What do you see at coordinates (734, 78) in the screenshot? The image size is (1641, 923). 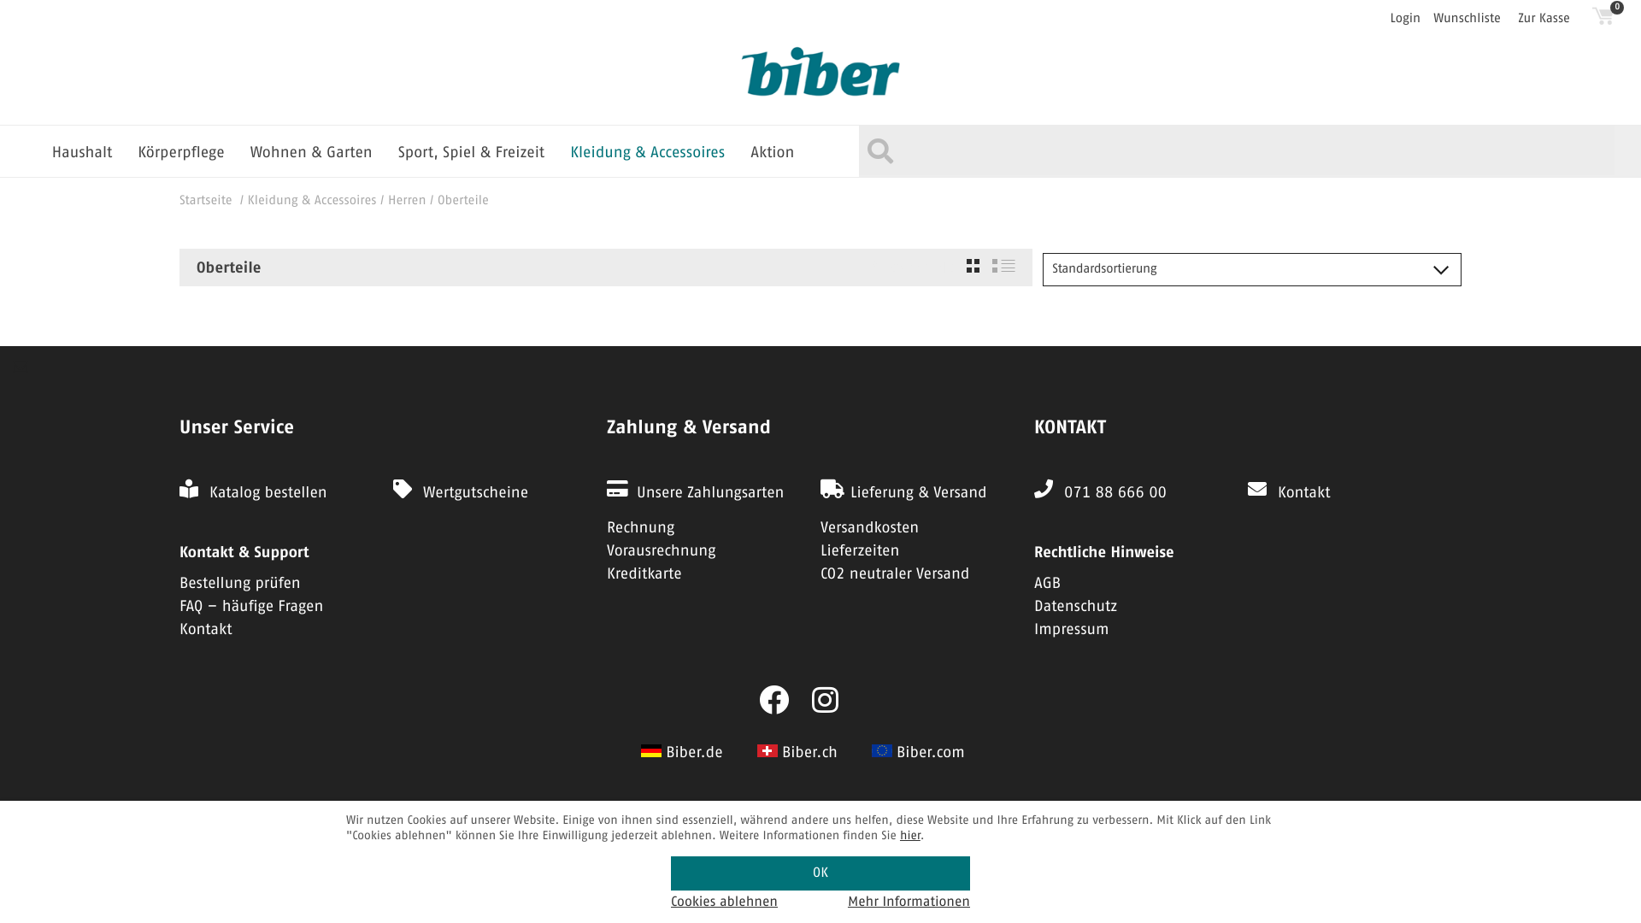 I see `'Biber Umweltprodukte Versand'` at bounding box center [734, 78].